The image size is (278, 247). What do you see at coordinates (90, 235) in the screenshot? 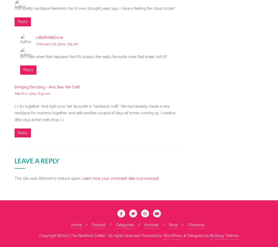
I see `'Copyright ©2023 
				
		The Barefoot Crafter
		. All rights reserved.'` at bounding box center [90, 235].